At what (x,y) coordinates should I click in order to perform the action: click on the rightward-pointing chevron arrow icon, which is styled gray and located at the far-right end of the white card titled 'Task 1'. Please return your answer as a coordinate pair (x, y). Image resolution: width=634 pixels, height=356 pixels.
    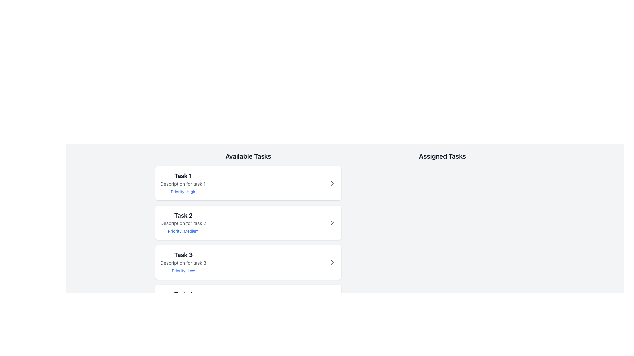
    Looking at the image, I should click on (332, 183).